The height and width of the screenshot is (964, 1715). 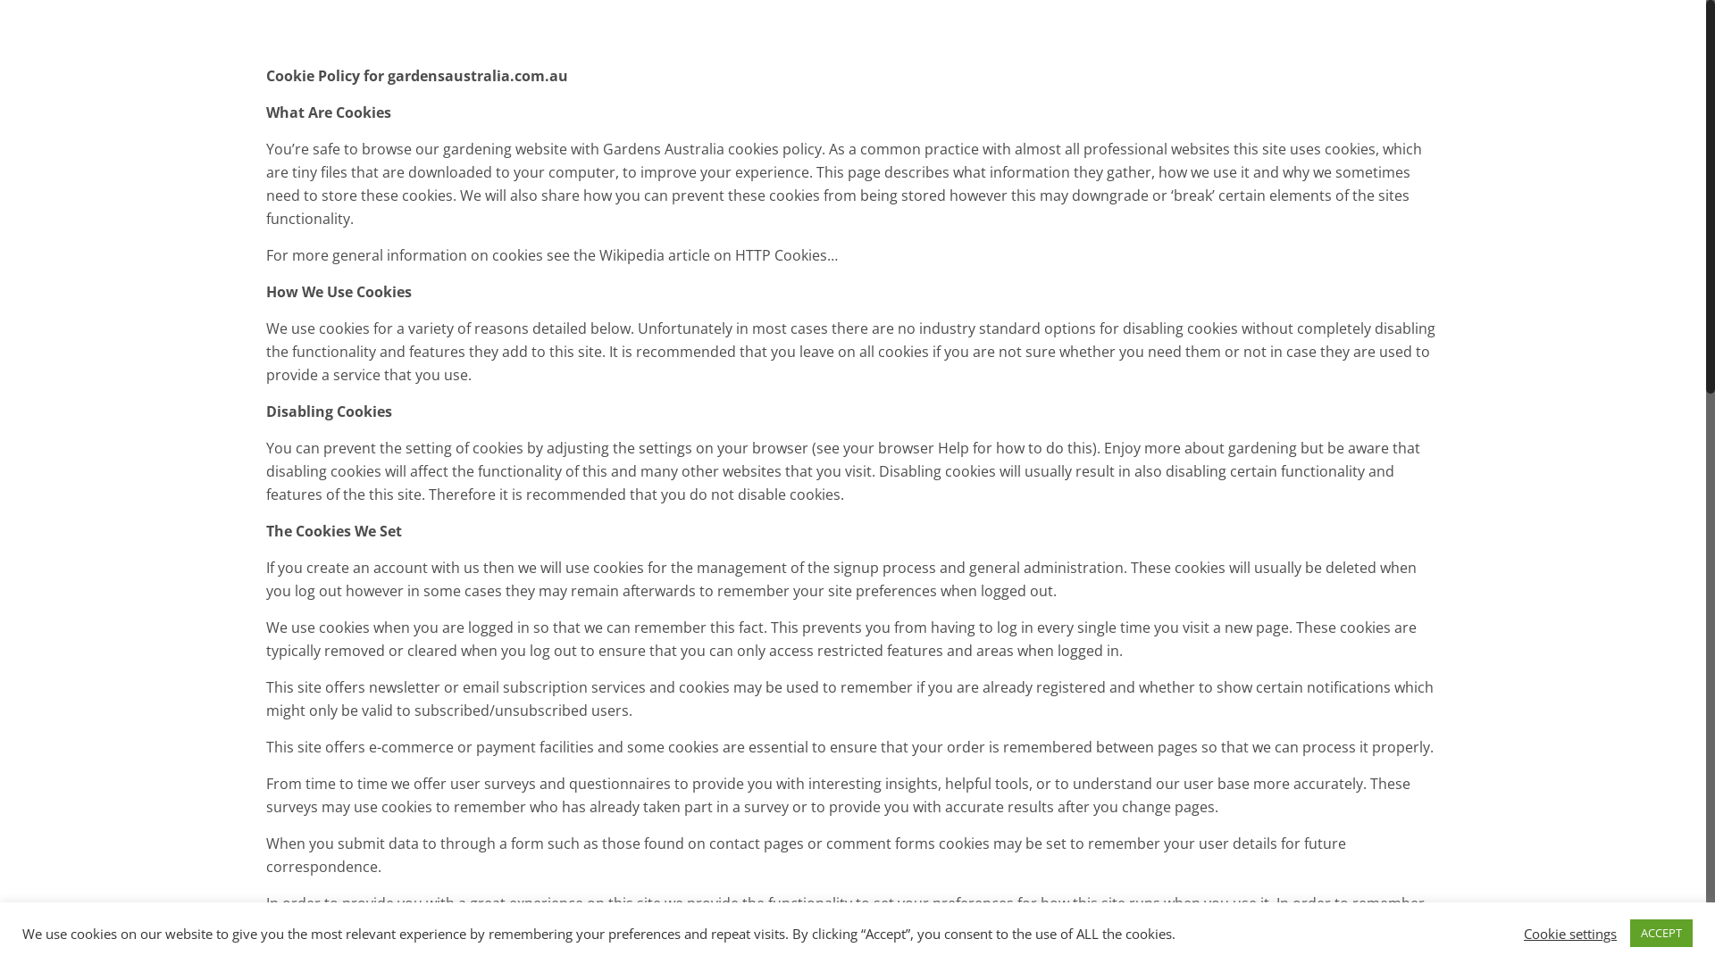 What do you see at coordinates (1661, 932) in the screenshot?
I see `'ACCEPT'` at bounding box center [1661, 932].